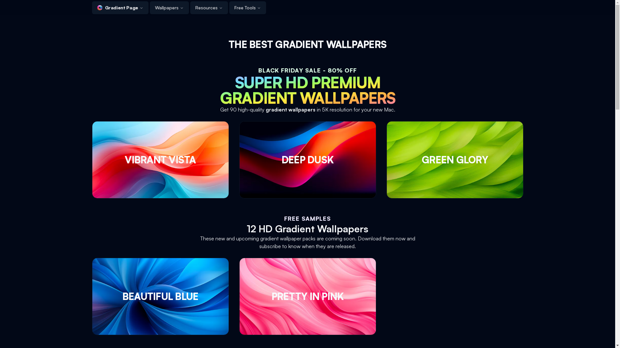 Image resolution: width=620 pixels, height=348 pixels. What do you see at coordinates (169, 7) in the screenshot?
I see `'Wallpapers'` at bounding box center [169, 7].